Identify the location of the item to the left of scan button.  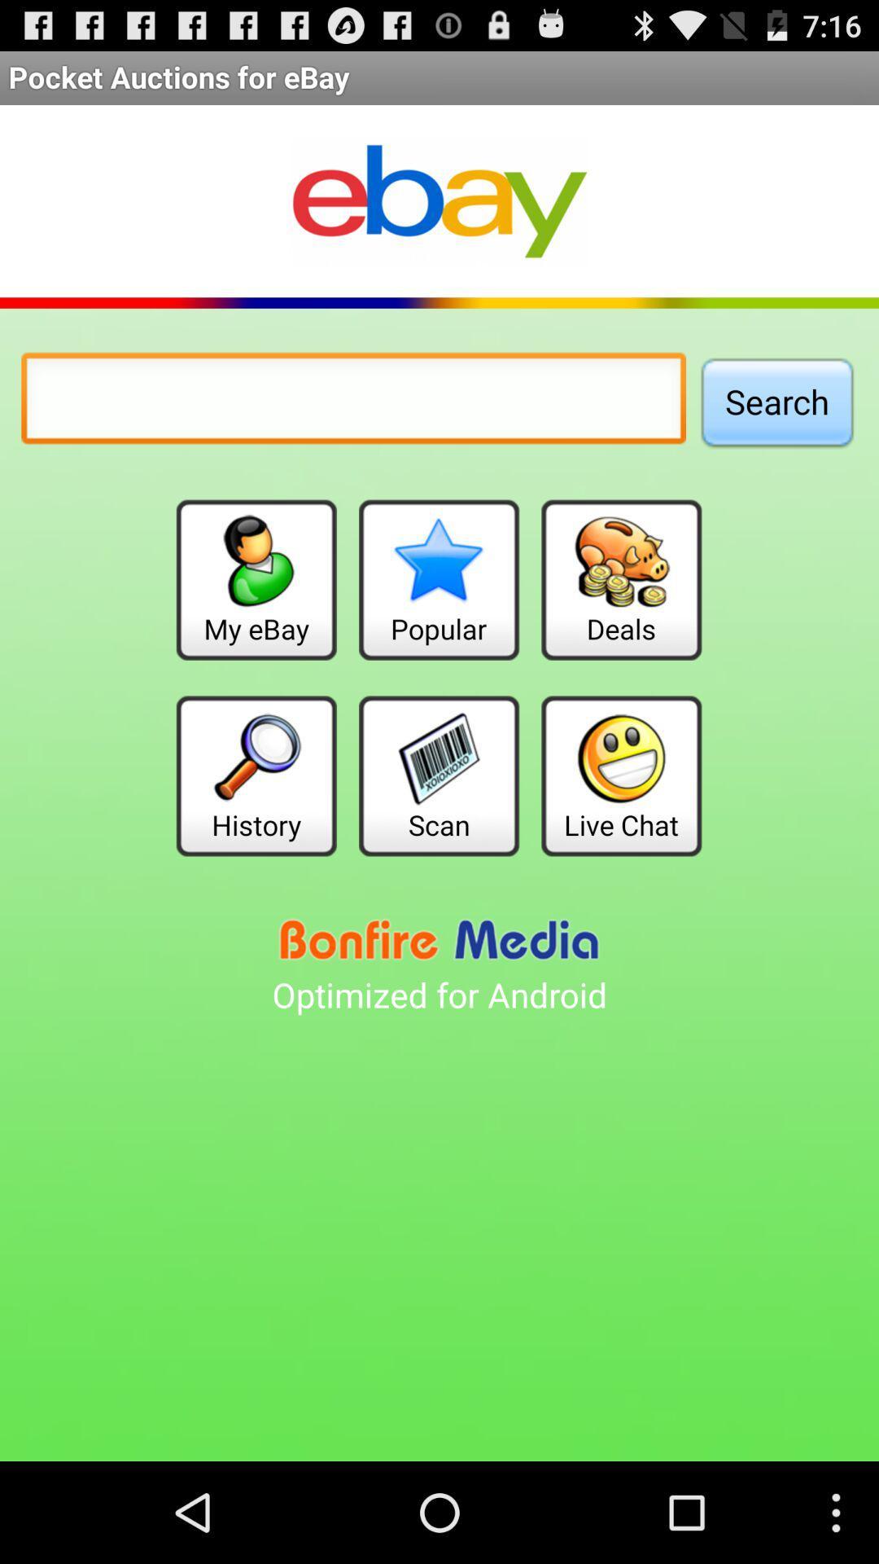
(256, 775).